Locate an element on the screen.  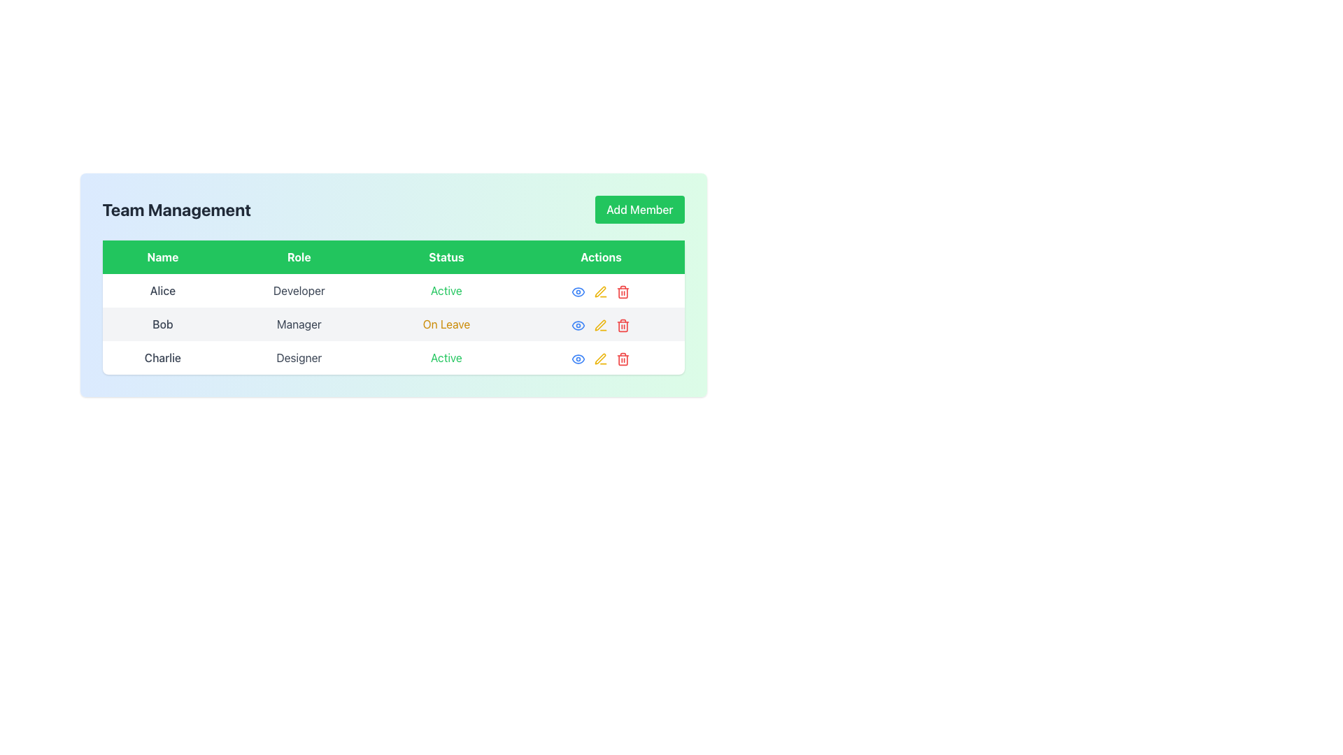
the 'Add Member' button located in the top-right corner of the 'Team Management' interface is located at coordinates (639, 210).